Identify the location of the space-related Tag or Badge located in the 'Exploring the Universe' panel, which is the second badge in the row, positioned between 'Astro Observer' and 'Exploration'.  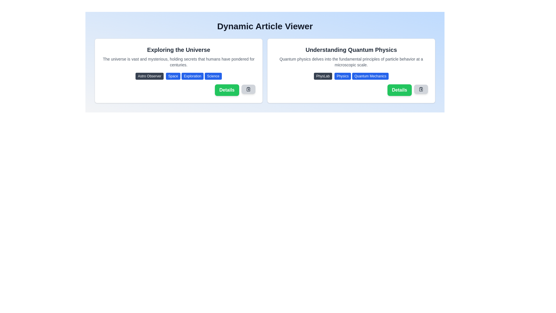
(173, 76).